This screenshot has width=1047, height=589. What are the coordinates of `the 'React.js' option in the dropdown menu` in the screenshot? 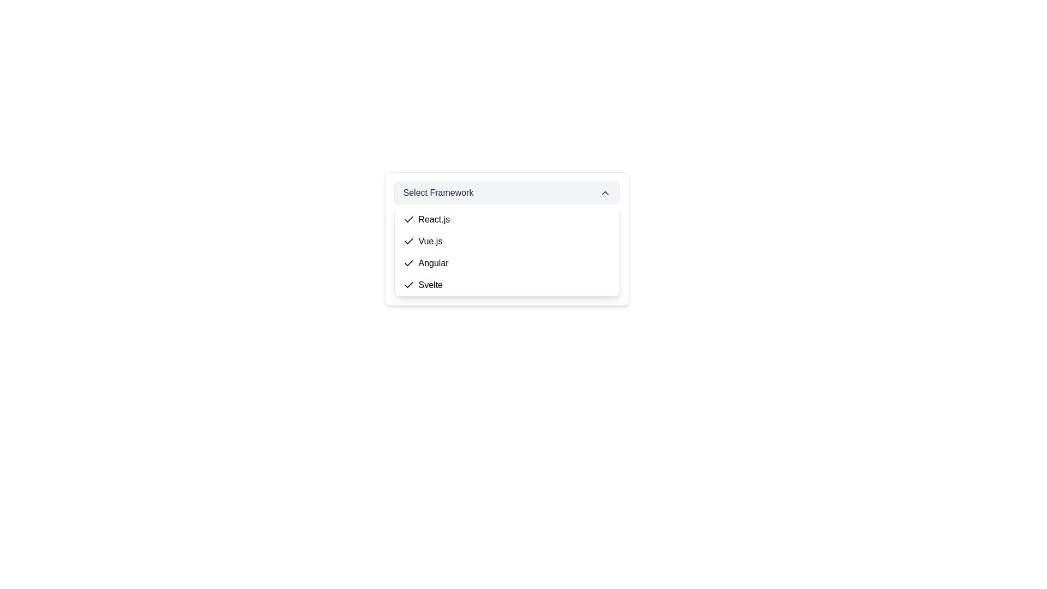 It's located at (506, 219).